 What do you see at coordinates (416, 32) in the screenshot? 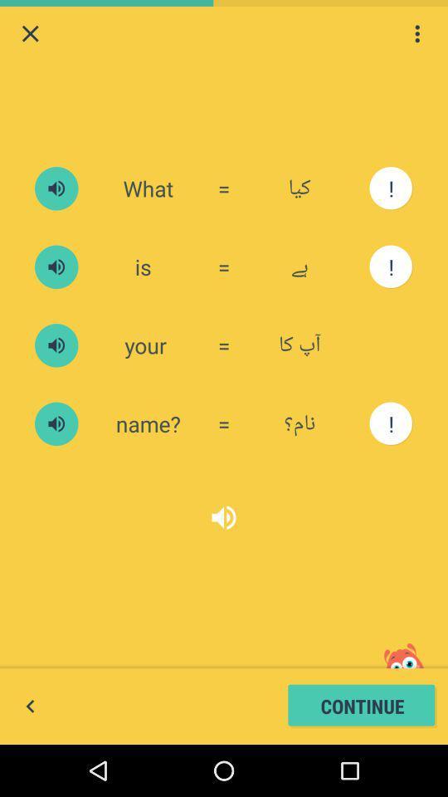
I see `open extra options` at bounding box center [416, 32].